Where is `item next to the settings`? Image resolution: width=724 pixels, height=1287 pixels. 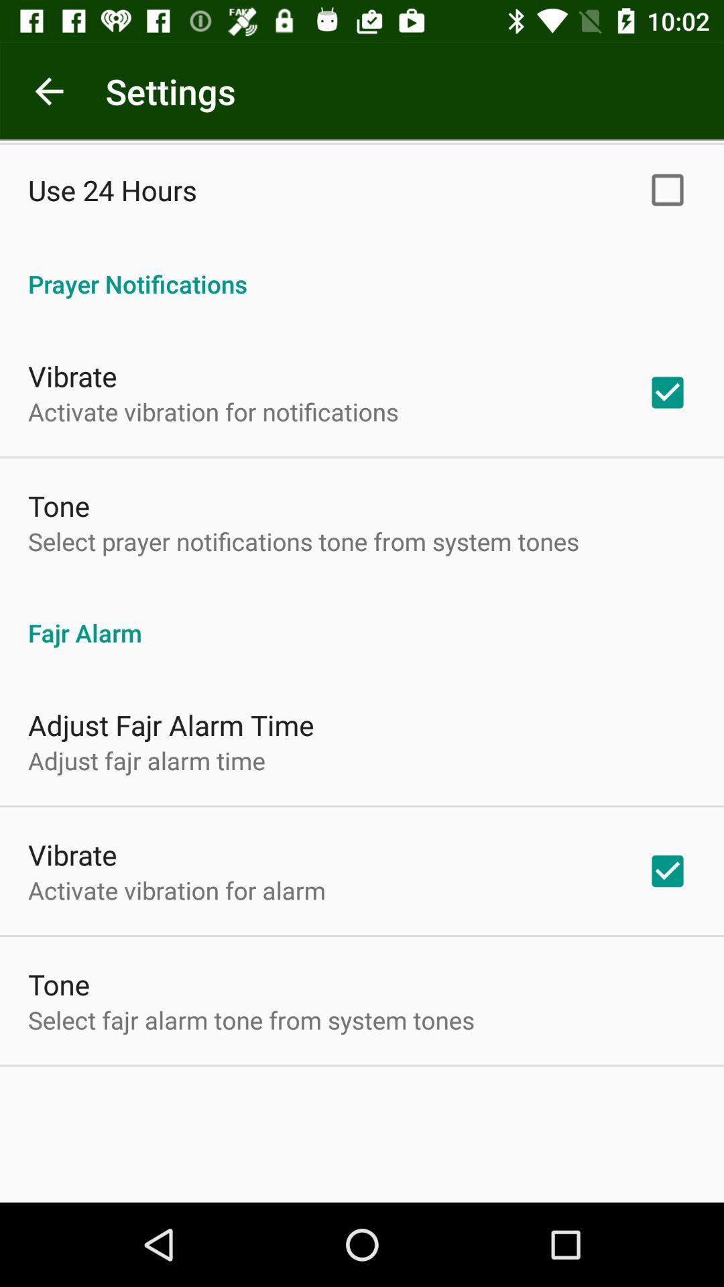
item next to the settings is located at coordinates (48, 90).